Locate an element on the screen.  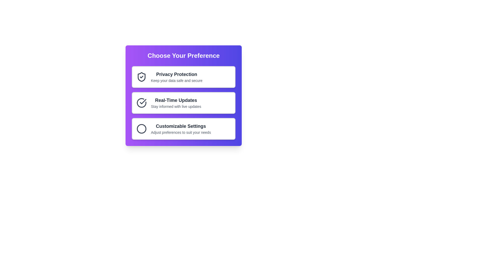
the bold text label 'Real-Time Updates' located in the second card of the vertically-stacked options is located at coordinates (176, 100).